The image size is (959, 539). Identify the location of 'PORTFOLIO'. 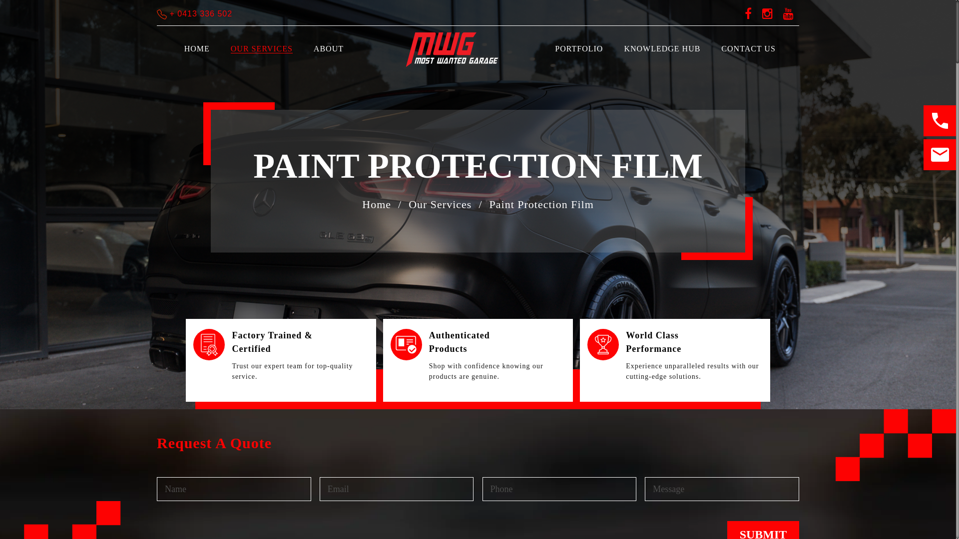
(578, 48).